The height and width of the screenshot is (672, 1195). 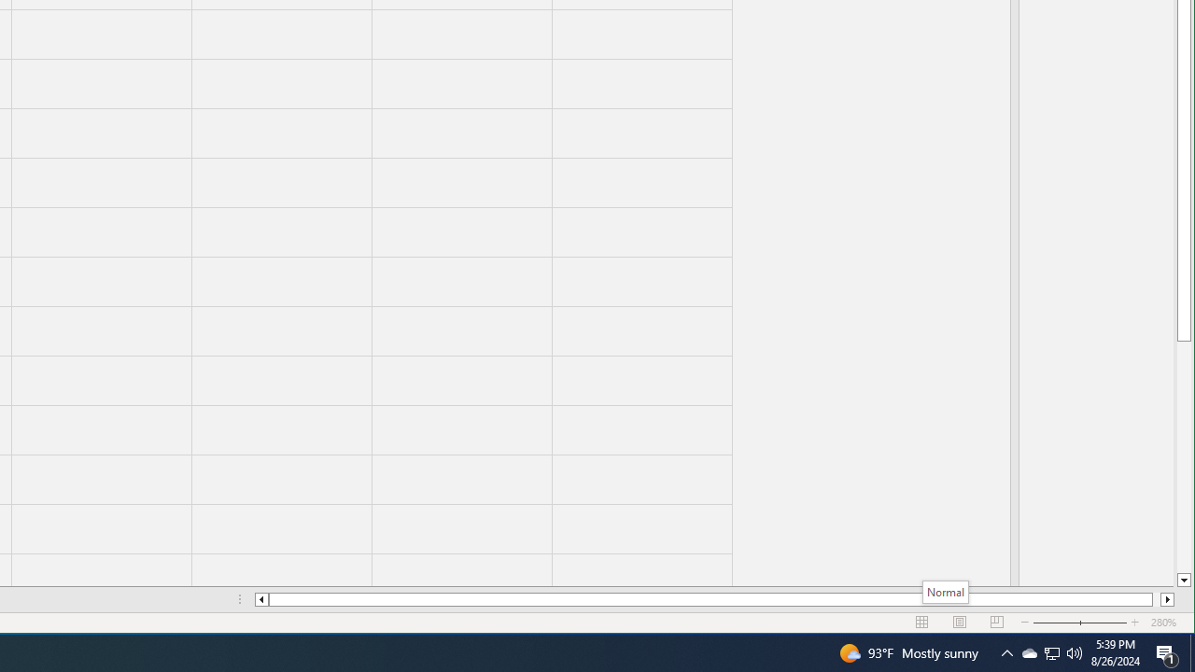 I want to click on 'Column right', so click(x=1167, y=599).